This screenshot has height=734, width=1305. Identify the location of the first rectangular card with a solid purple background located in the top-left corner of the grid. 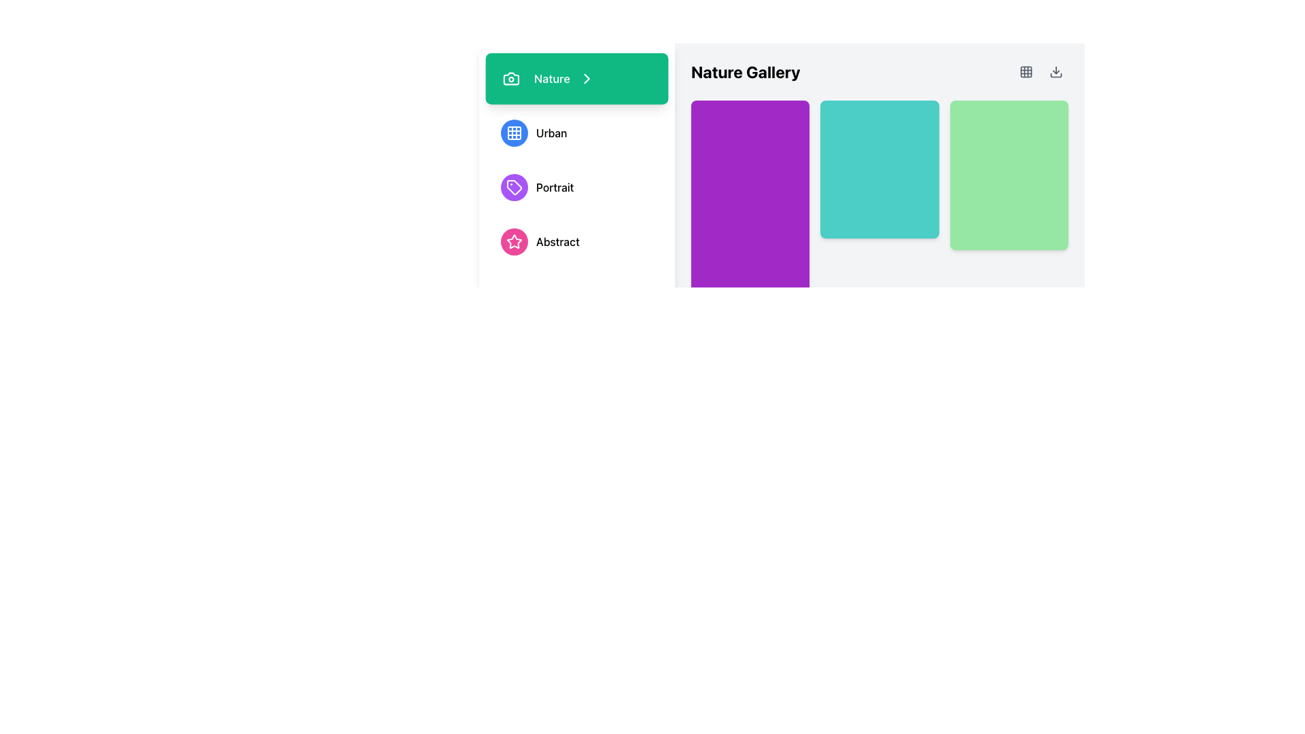
(750, 233).